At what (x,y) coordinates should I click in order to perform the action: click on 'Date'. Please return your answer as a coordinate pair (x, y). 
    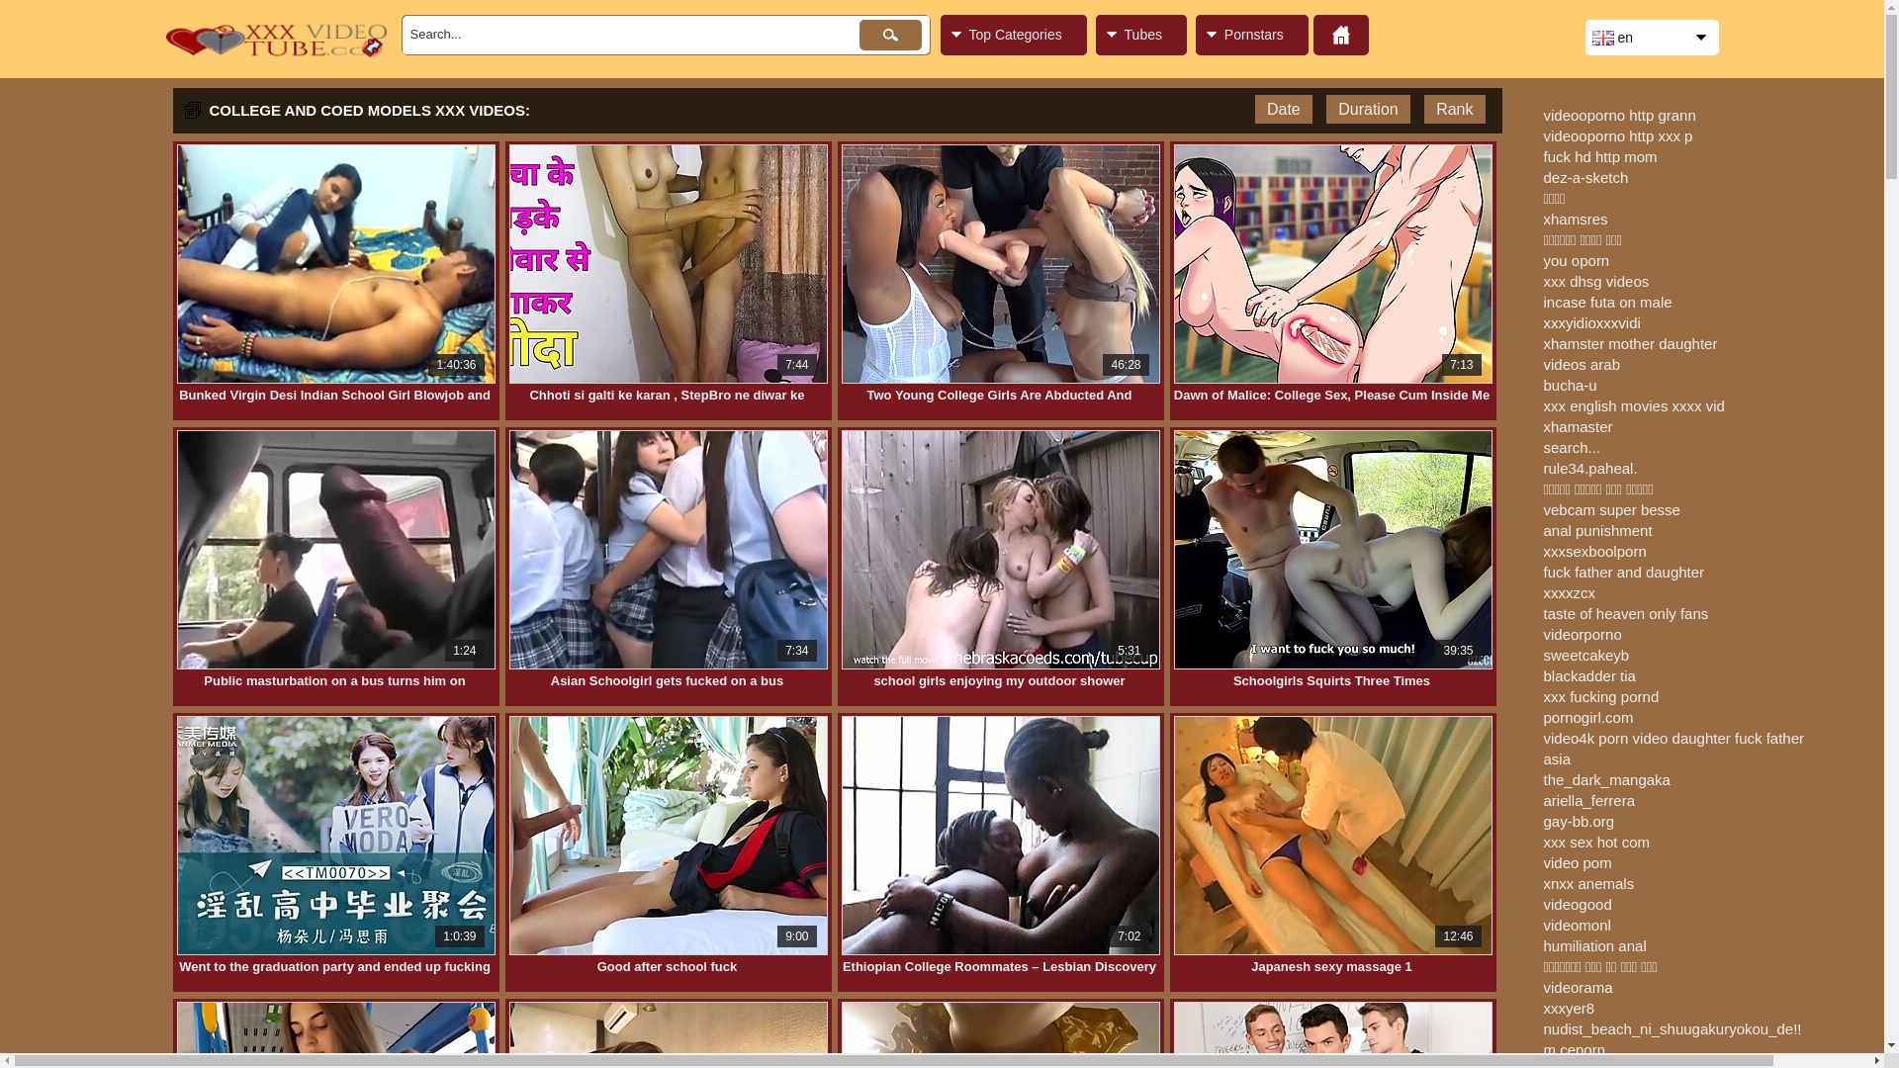
    Looking at the image, I should click on (1283, 109).